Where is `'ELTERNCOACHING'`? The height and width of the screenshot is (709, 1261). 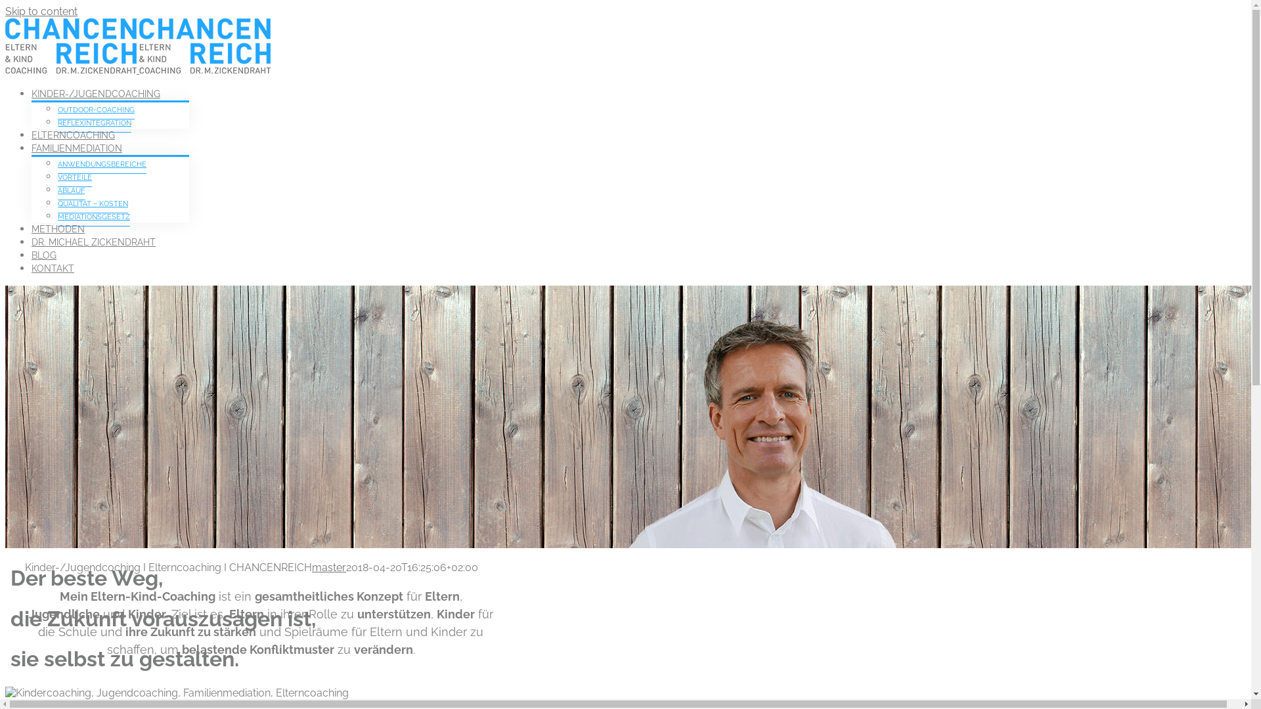
'ELTERNCOACHING' is located at coordinates (72, 134).